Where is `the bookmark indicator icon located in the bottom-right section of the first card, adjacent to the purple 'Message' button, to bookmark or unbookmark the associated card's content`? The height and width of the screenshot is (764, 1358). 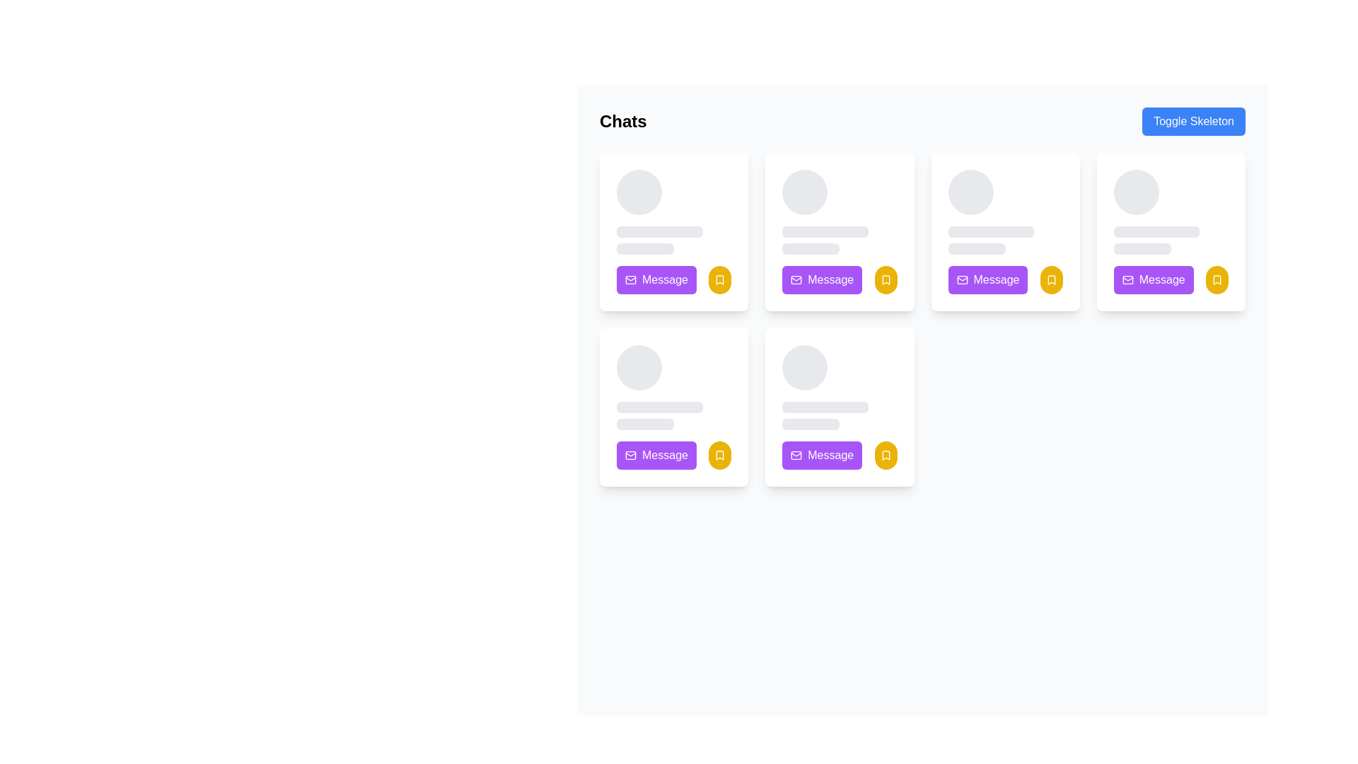 the bookmark indicator icon located in the bottom-right section of the first card, adjacent to the purple 'Message' button, to bookmark or unbookmark the associated card's content is located at coordinates (720, 280).